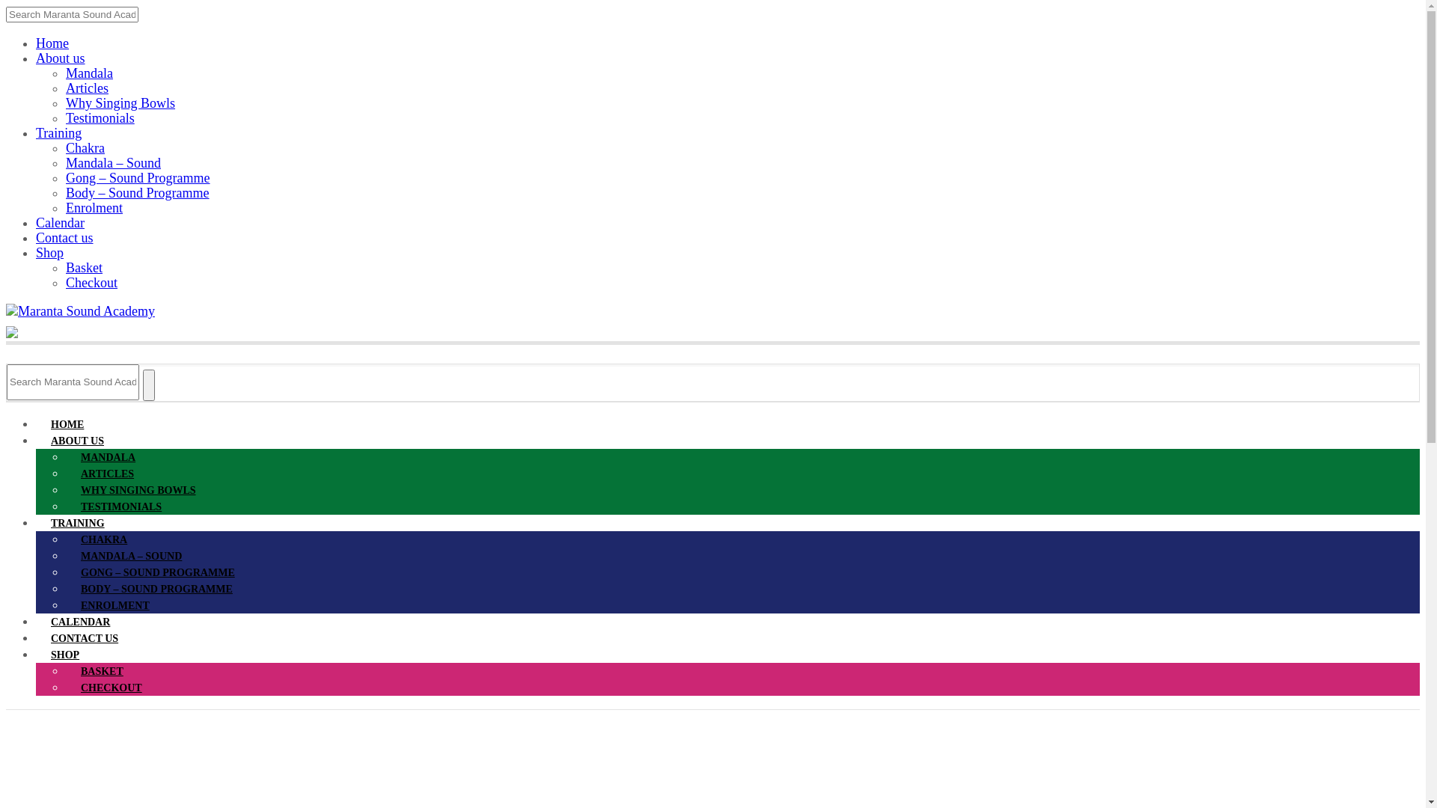 The width and height of the screenshot is (1437, 808). What do you see at coordinates (36, 440) in the screenshot?
I see `'ABOUT US'` at bounding box center [36, 440].